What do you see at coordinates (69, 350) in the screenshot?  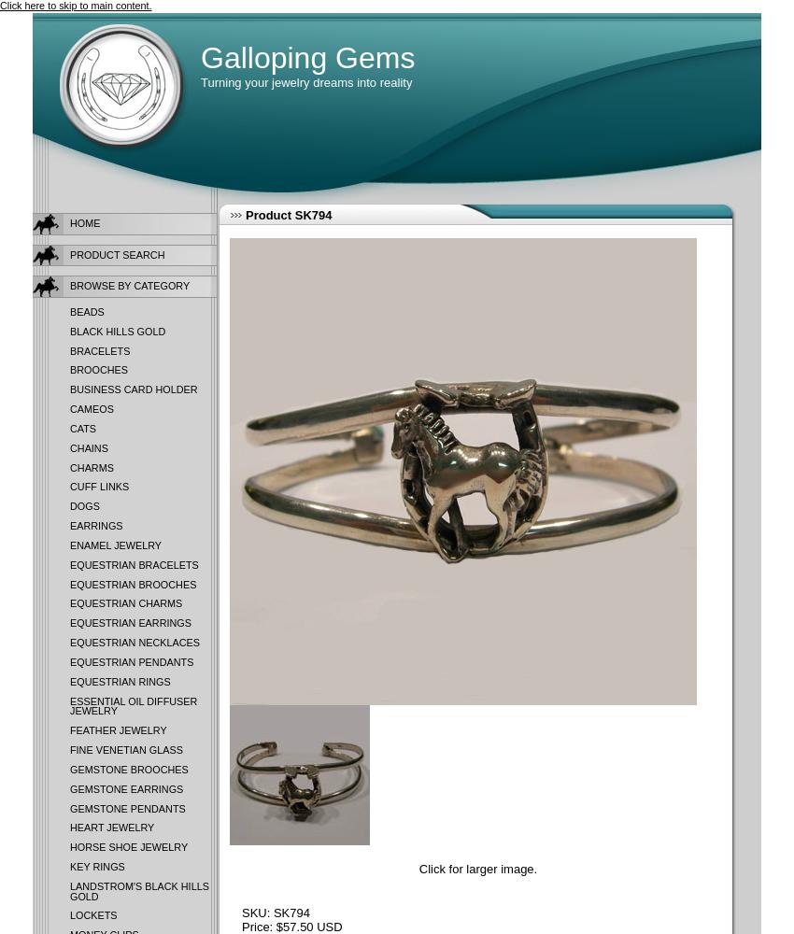 I see `'Bracelets'` at bounding box center [69, 350].